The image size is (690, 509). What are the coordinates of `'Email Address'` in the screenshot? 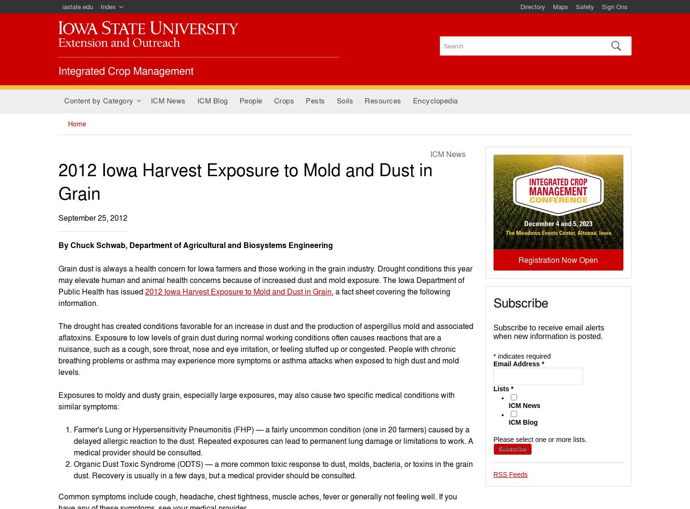 It's located at (517, 362).